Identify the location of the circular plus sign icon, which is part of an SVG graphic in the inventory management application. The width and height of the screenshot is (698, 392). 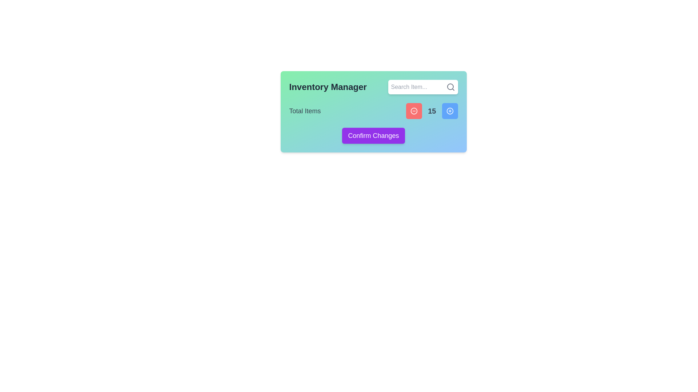
(449, 111).